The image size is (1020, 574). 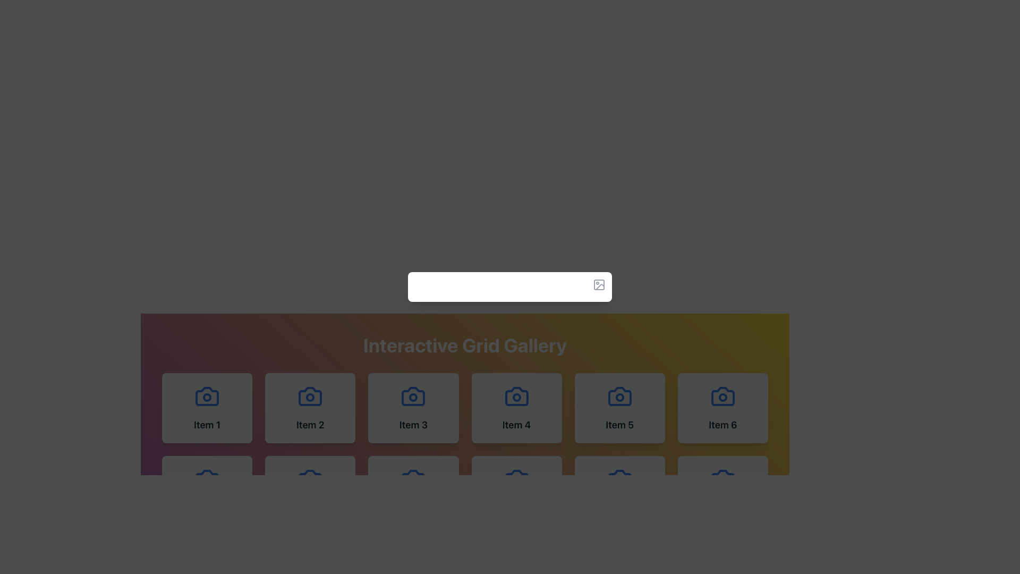 What do you see at coordinates (619, 398) in the screenshot?
I see `the small circular spot located within the lens icon of the camera-shaped graphical representation for 'Item 5'` at bounding box center [619, 398].